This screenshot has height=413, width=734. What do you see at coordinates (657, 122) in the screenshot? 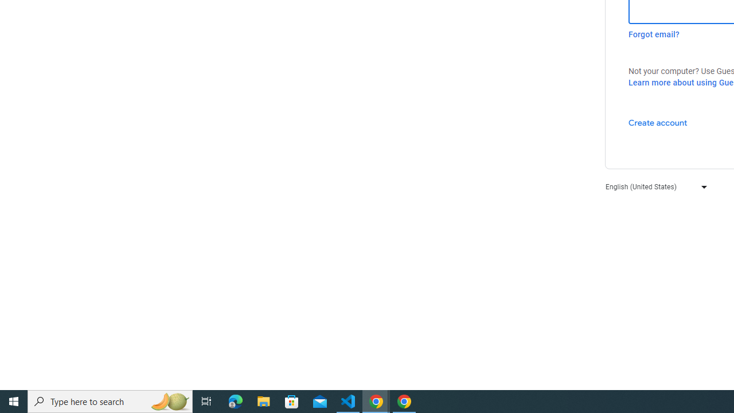
I see `'Create account'` at bounding box center [657, 122].